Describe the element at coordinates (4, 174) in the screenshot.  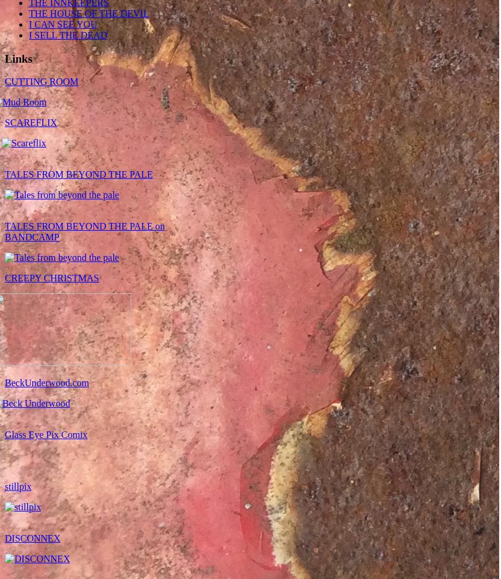
I see `'TALES FROM BEYOND THE PALE'` at that location.